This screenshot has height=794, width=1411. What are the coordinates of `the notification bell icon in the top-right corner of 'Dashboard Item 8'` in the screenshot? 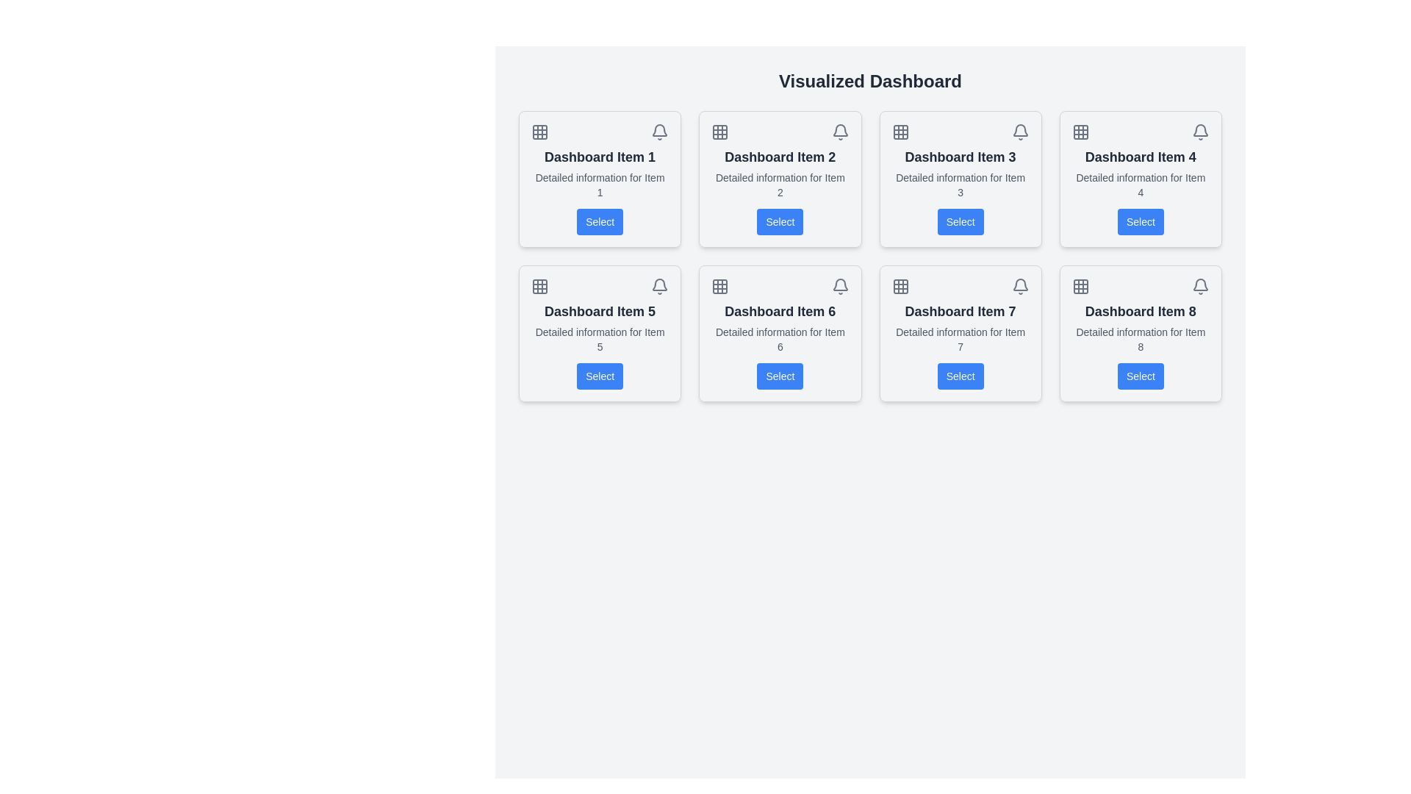 It's located at (1200, 286).